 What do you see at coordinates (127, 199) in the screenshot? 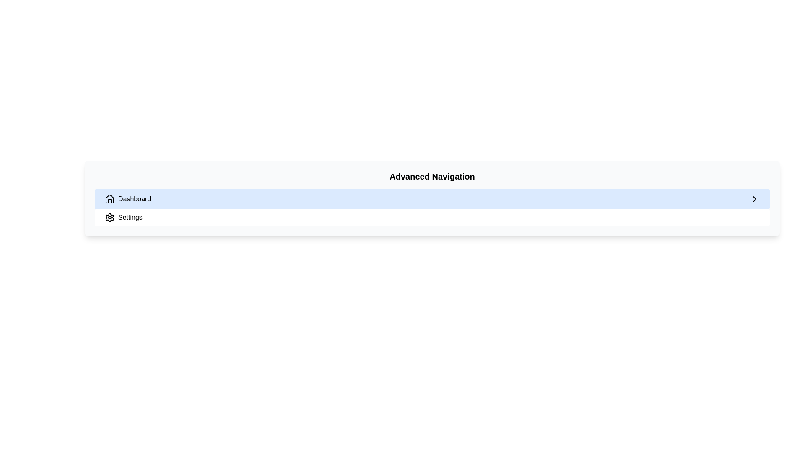
I see `the navigational link element labeled 'Dashboard' with a house-shaped icon on the left` at bounding box center [127, 199].